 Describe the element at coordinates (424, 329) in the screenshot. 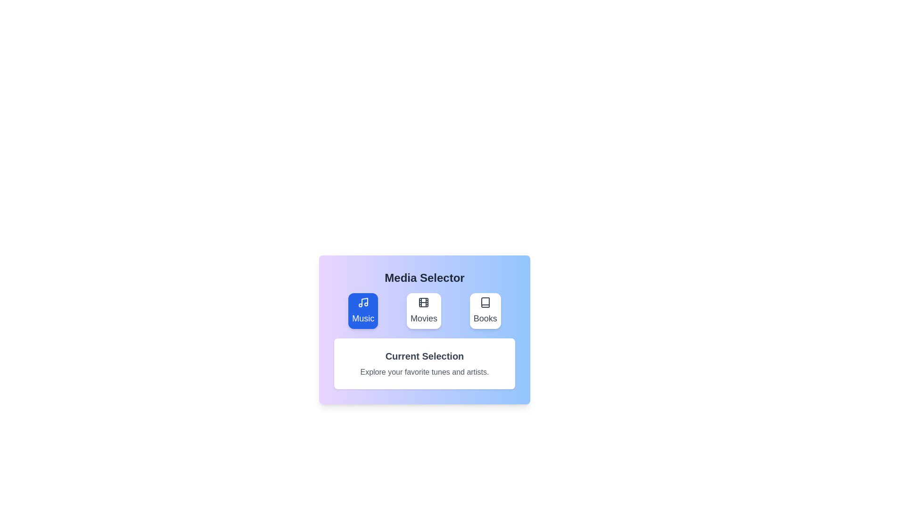

I see `the buttons in the Media Selector panel` at that location.